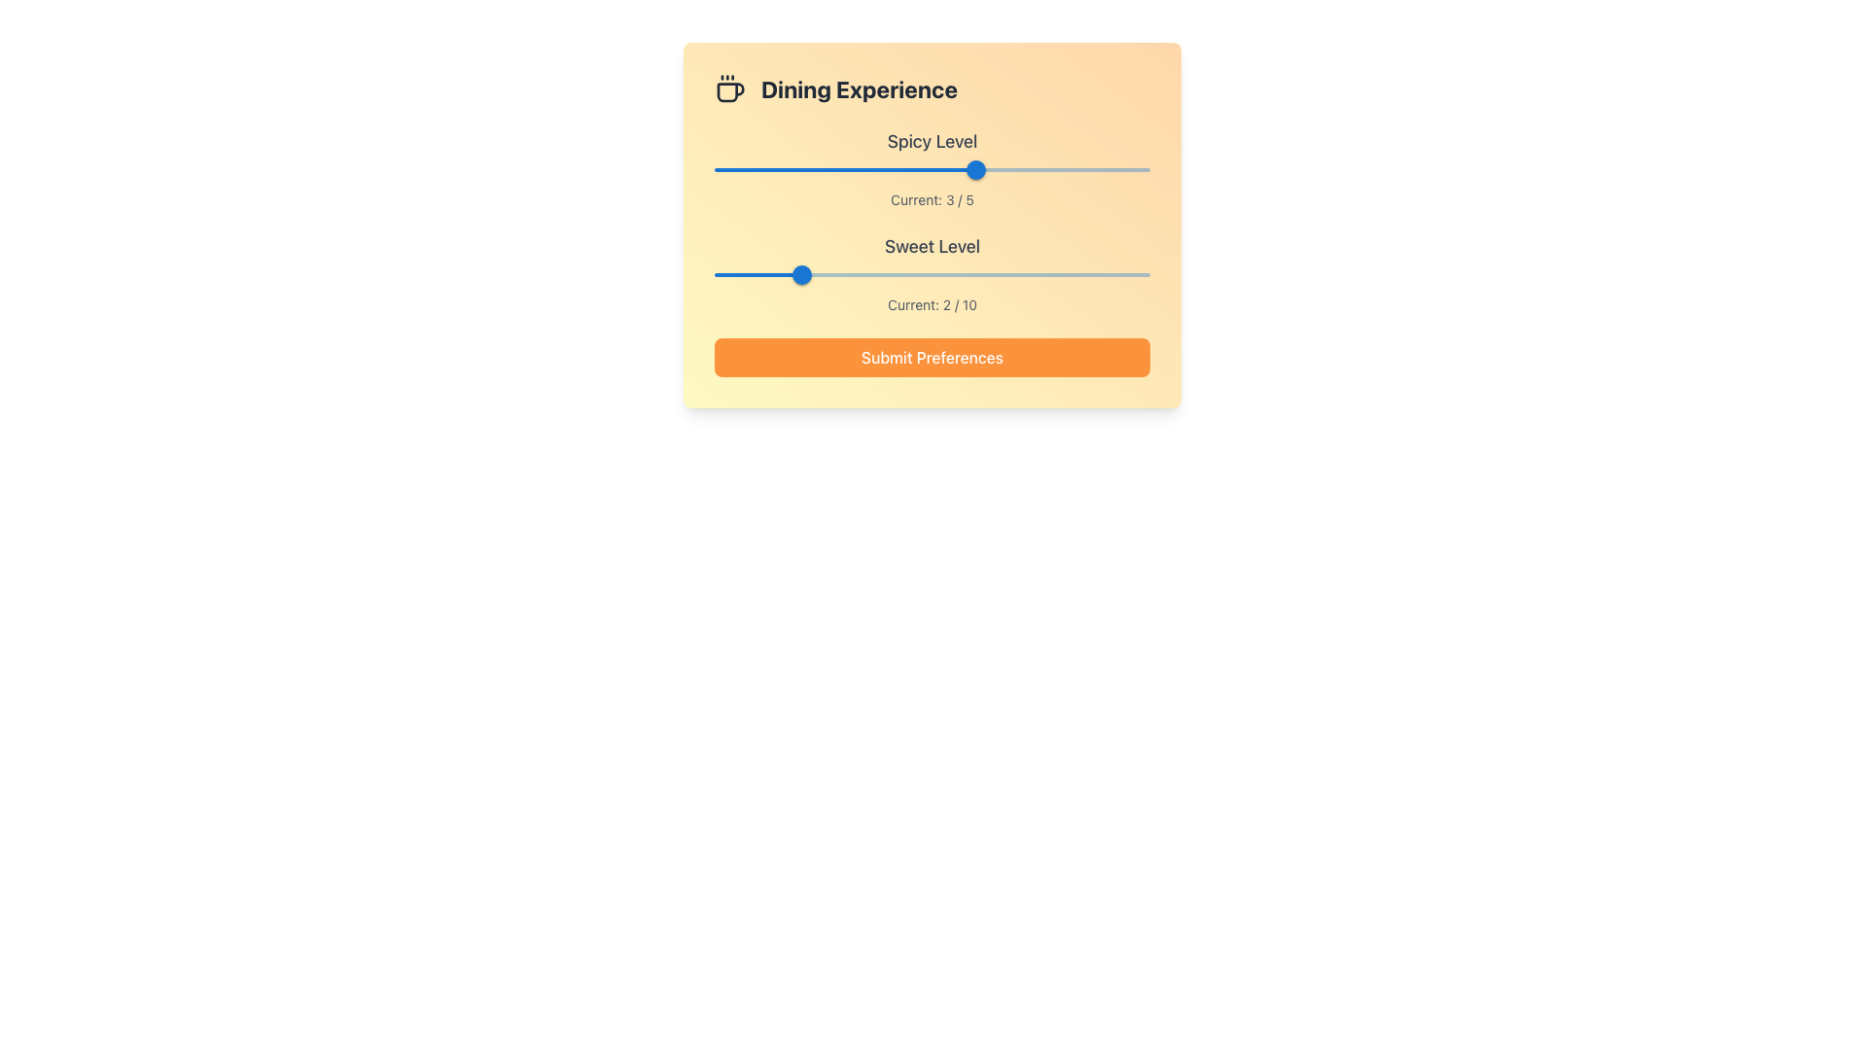 This screenshot has width=1867, height=1050. Describe the element at coordinates (845, 274) in the screenshot. I see `the sweet level` at that location.